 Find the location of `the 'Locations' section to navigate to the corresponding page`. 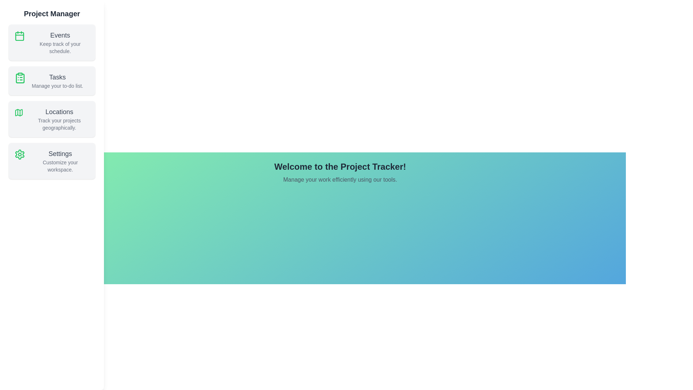

the 'Locations' section to navigate to the corresponding page is located at coordinates (52, 119).